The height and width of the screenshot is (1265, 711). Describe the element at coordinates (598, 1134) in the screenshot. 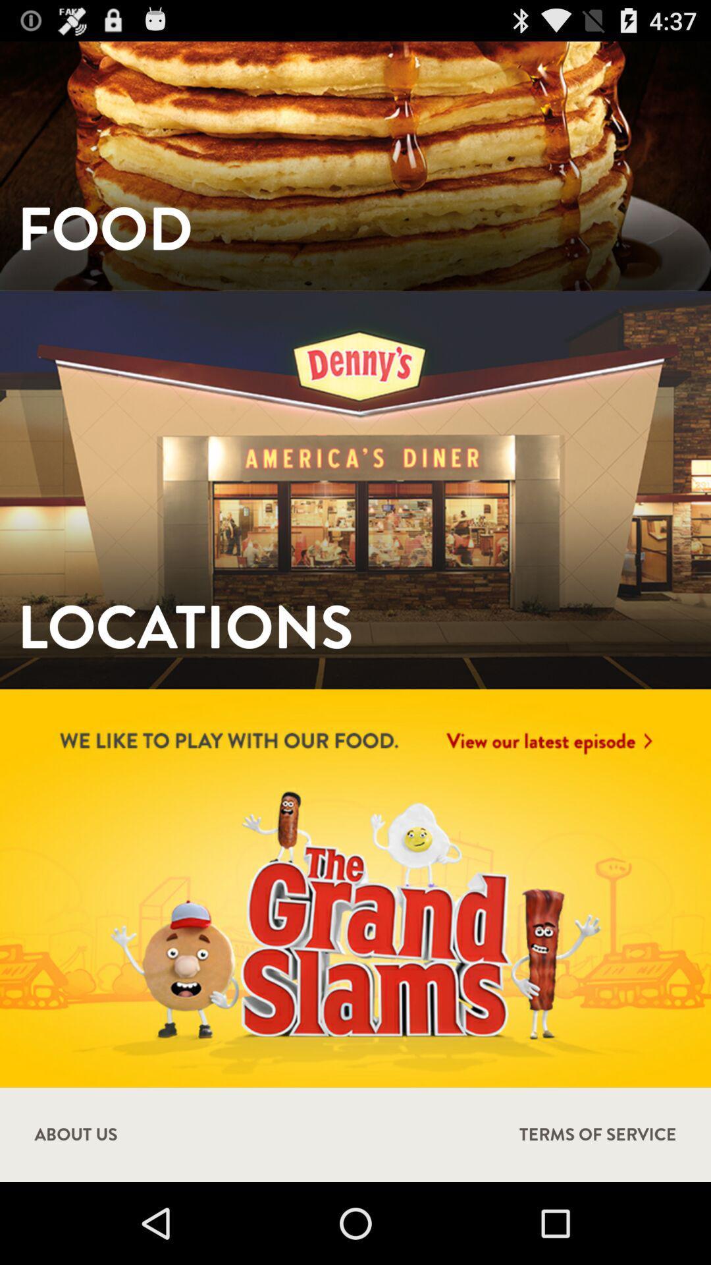

I see `the item to the right of about us icon` at that location.